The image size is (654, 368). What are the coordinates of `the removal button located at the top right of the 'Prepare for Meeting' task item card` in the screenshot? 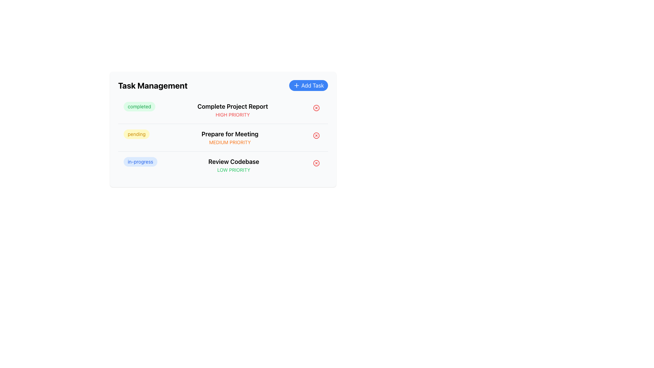 It's located at (316, 135).